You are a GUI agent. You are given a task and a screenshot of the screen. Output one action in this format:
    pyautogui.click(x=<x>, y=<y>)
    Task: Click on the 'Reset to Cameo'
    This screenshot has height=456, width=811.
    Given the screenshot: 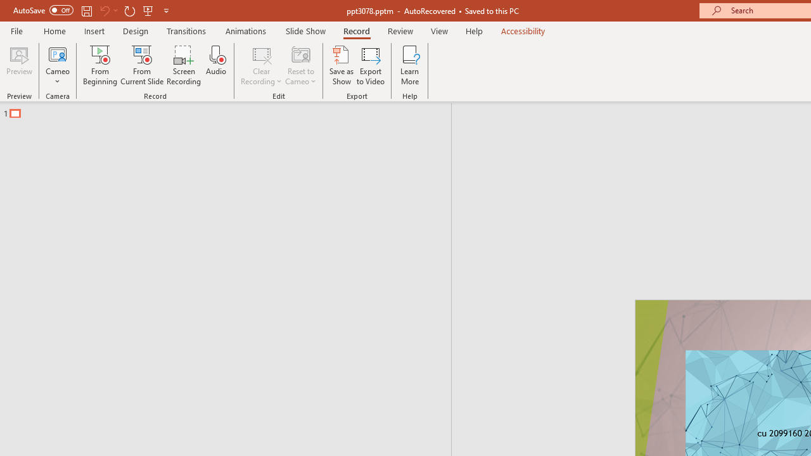 What is the action you would take?
    pyautogui.click(x=300, y=65)
    